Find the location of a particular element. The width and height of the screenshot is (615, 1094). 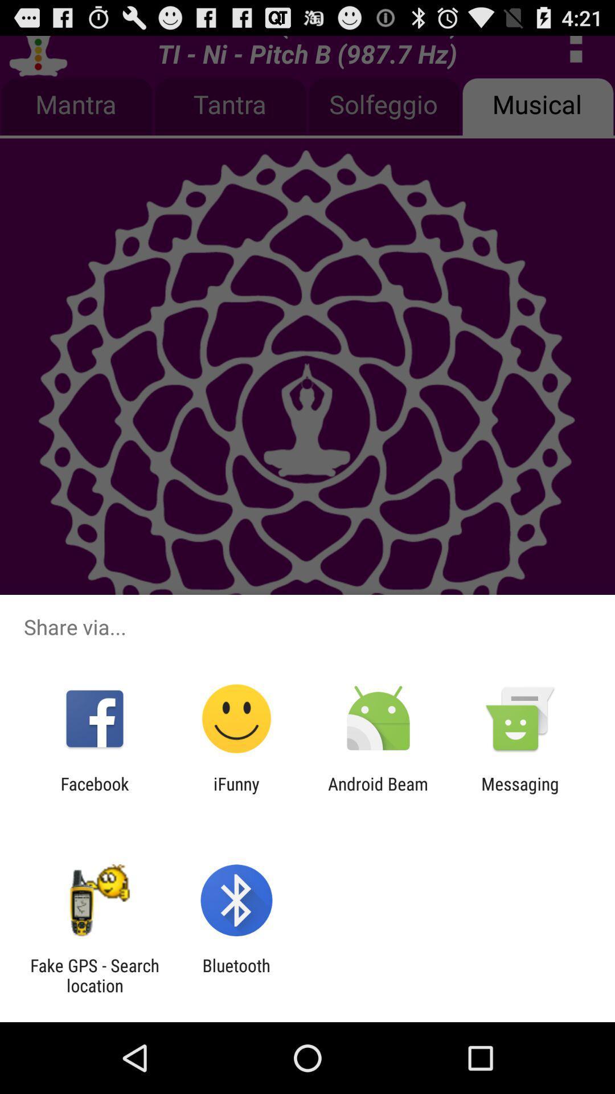

the bluetooth app is located at coordinates (236, 975).